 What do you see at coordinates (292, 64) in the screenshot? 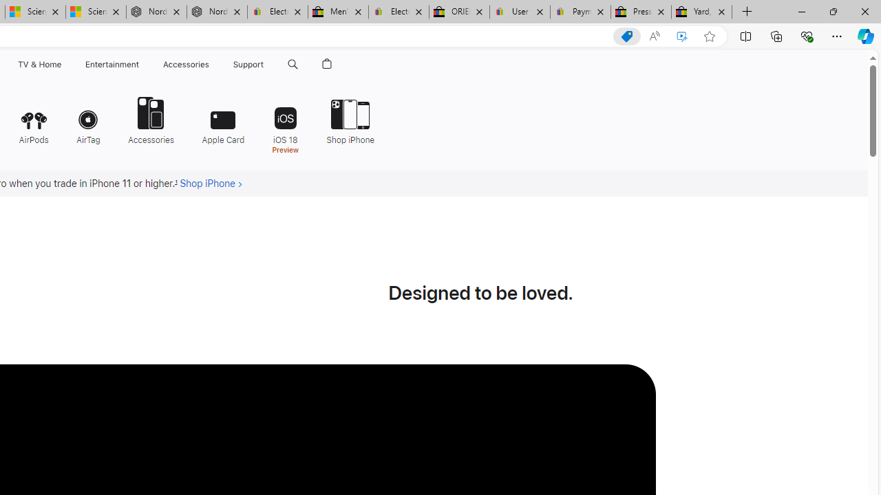
I see `'Class: globalnav-item globalnav-search shift-0-1'` at bounding box center [292, 64].